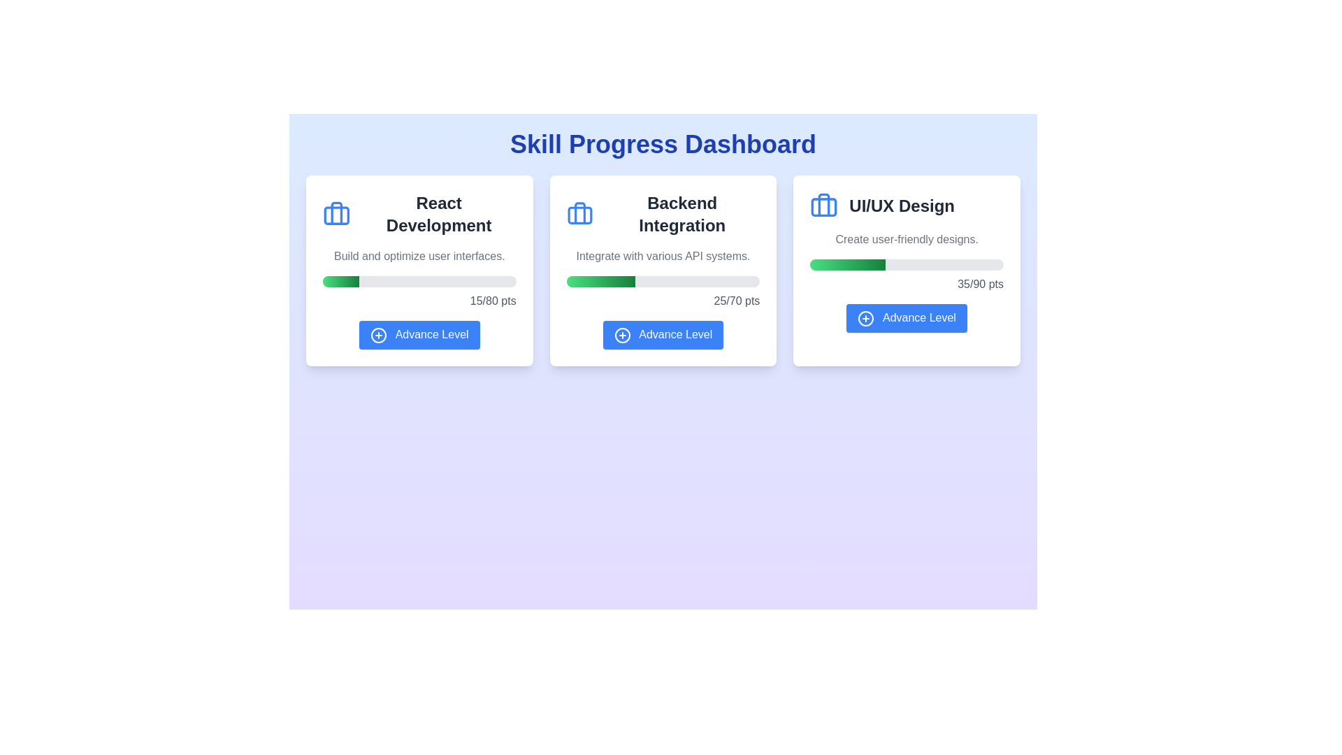  What do you see at coordinates (336, 215) in the screenshot?
I see `the decorative SVG component that represents the bottom section of the briefcase icon within the 'React Development' card` at bounding box center [336, 215].